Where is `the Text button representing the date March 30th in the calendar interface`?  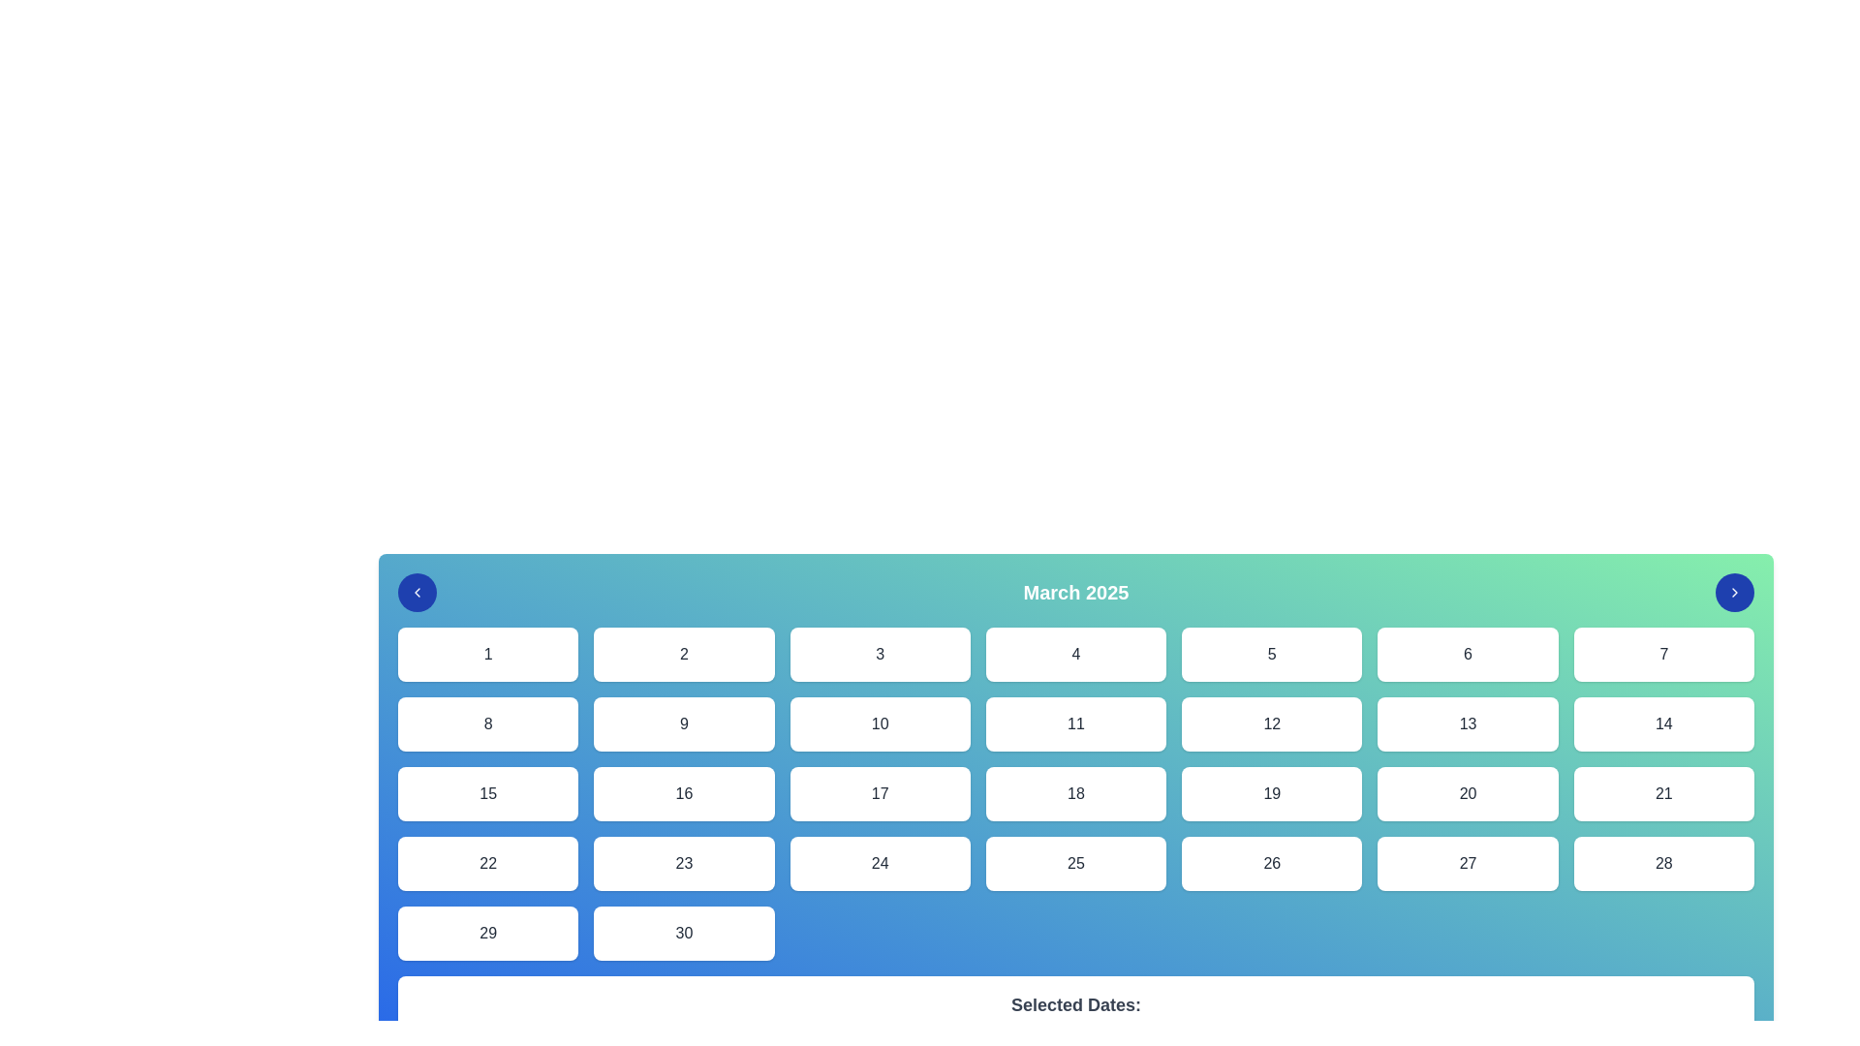 the Text button representing the date March 30th in the calendar interface is located at coordinates (683, 933).